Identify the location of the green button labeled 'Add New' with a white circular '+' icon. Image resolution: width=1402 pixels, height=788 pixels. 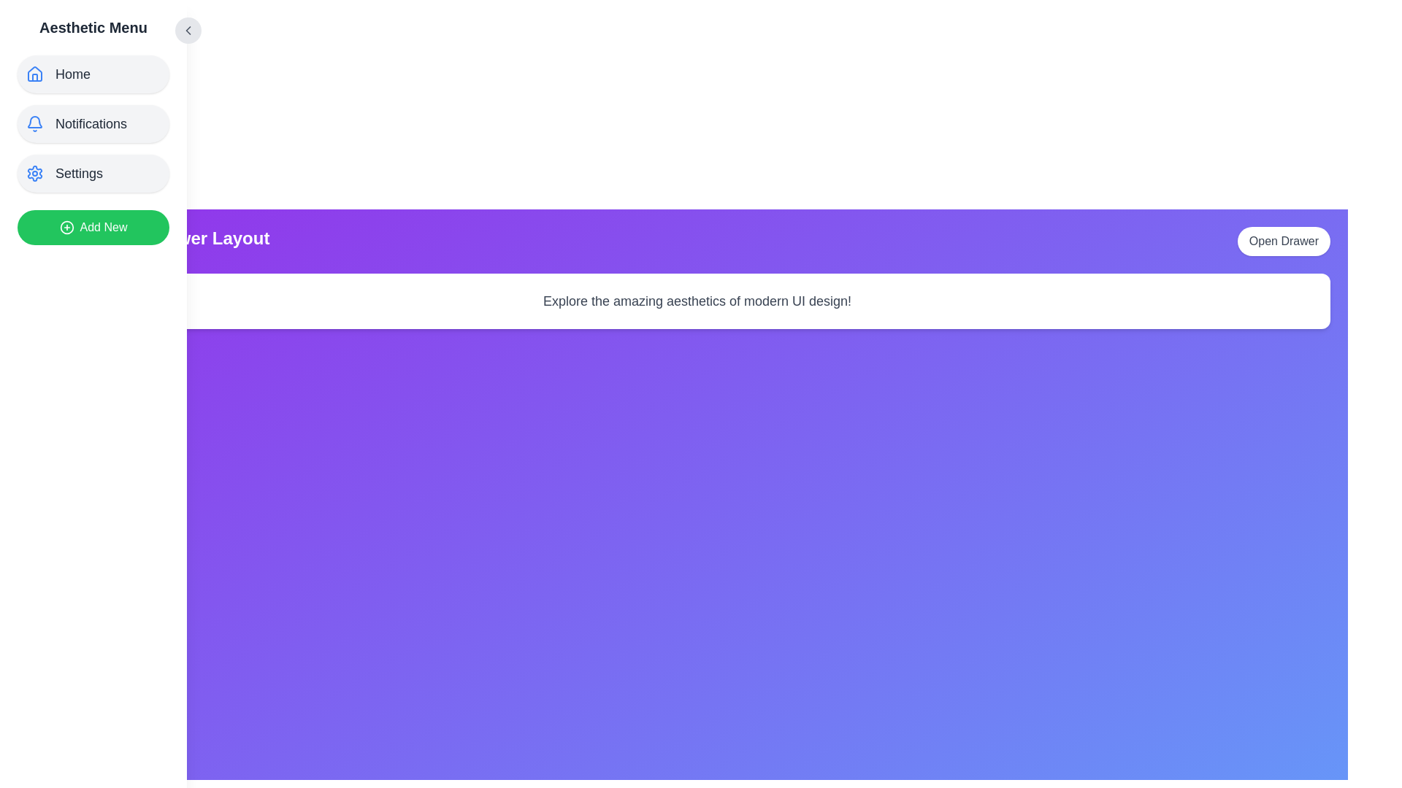
(93, 228).